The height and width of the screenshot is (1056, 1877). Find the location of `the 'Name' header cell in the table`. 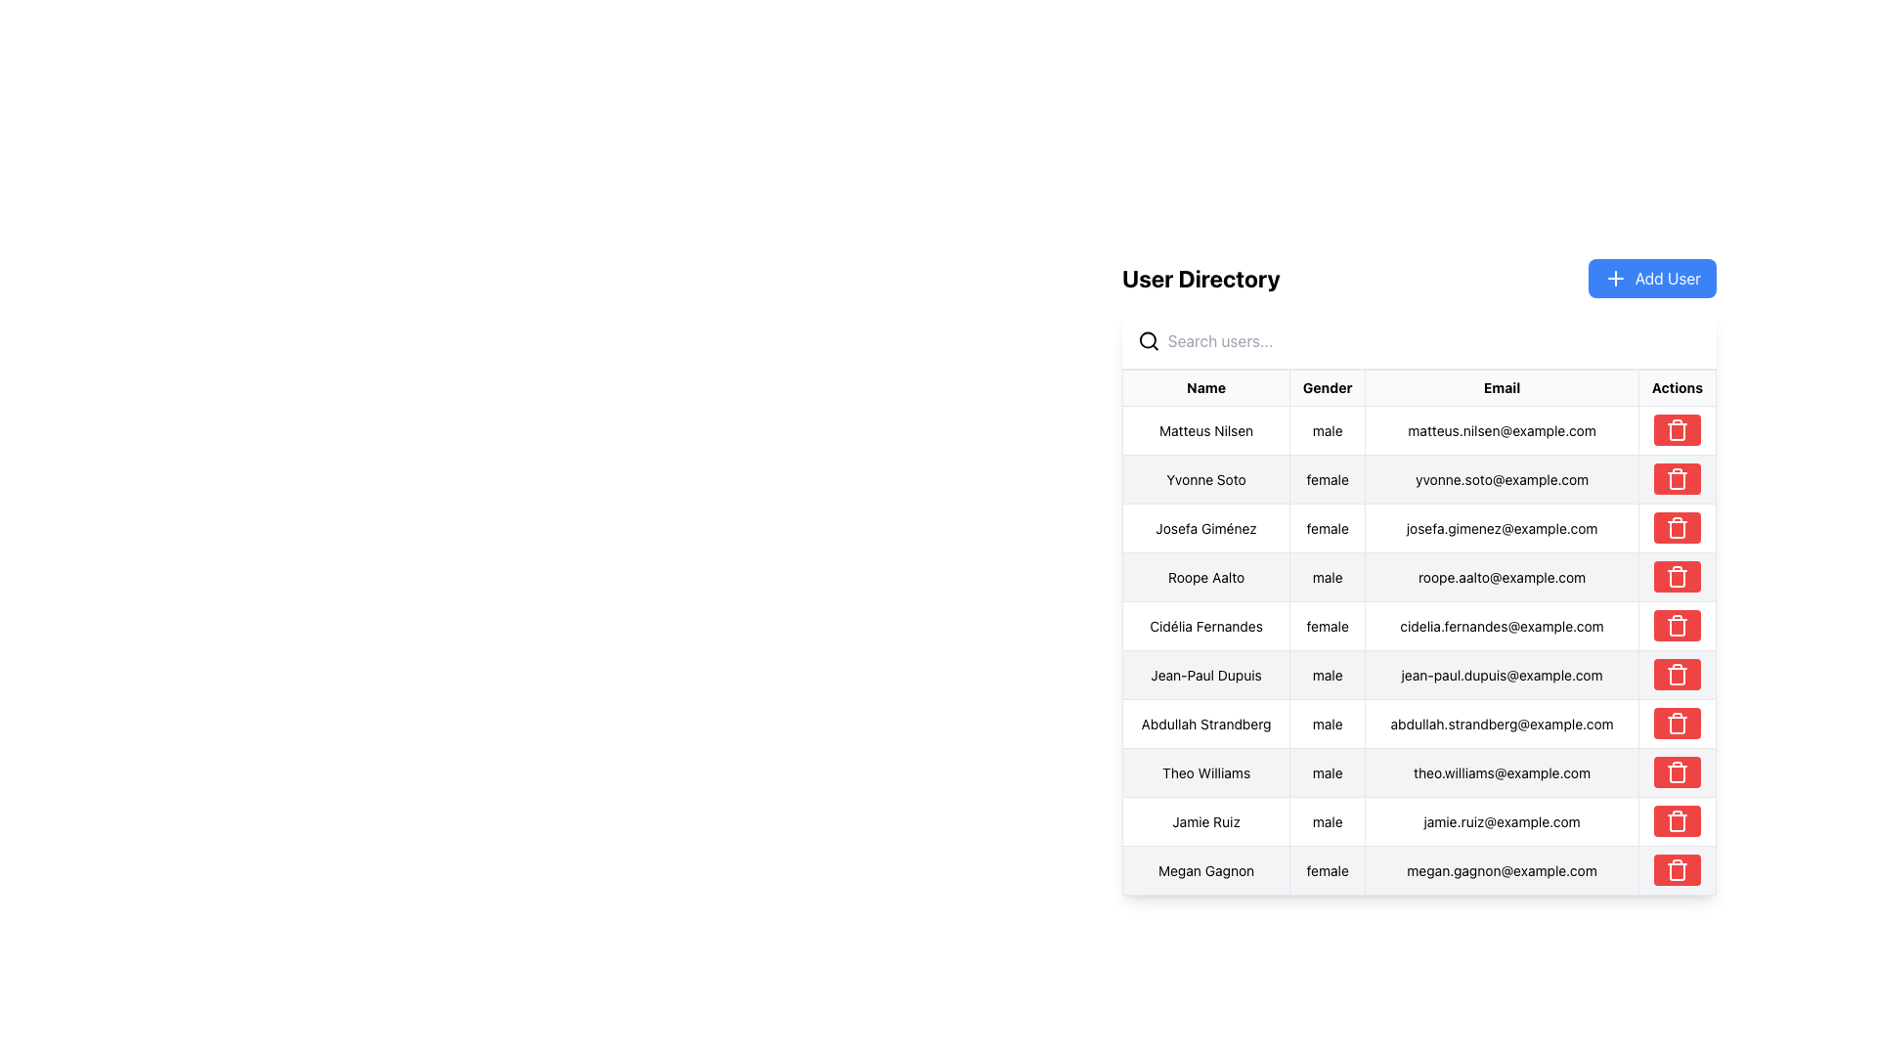

the 'Name' header cell in the table is located at coordinates (1204, 388).